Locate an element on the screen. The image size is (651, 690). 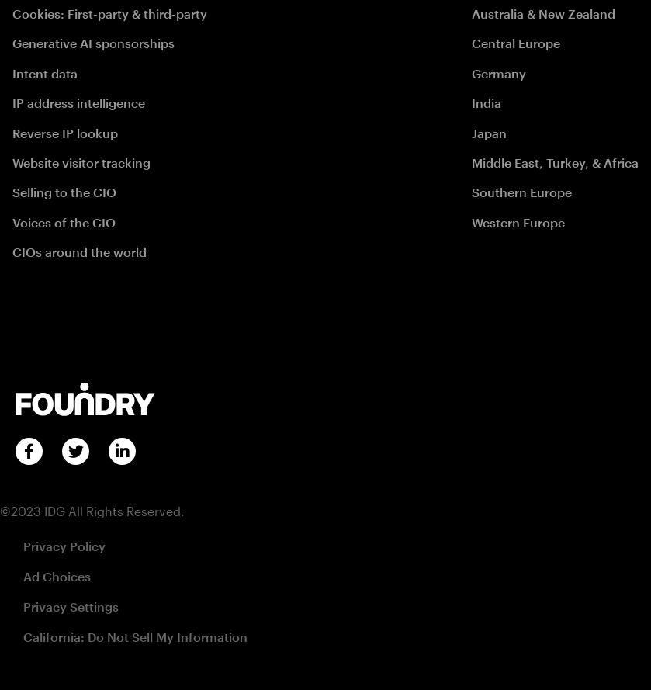
'Ad Choices' is located at coordinates (57, 575).